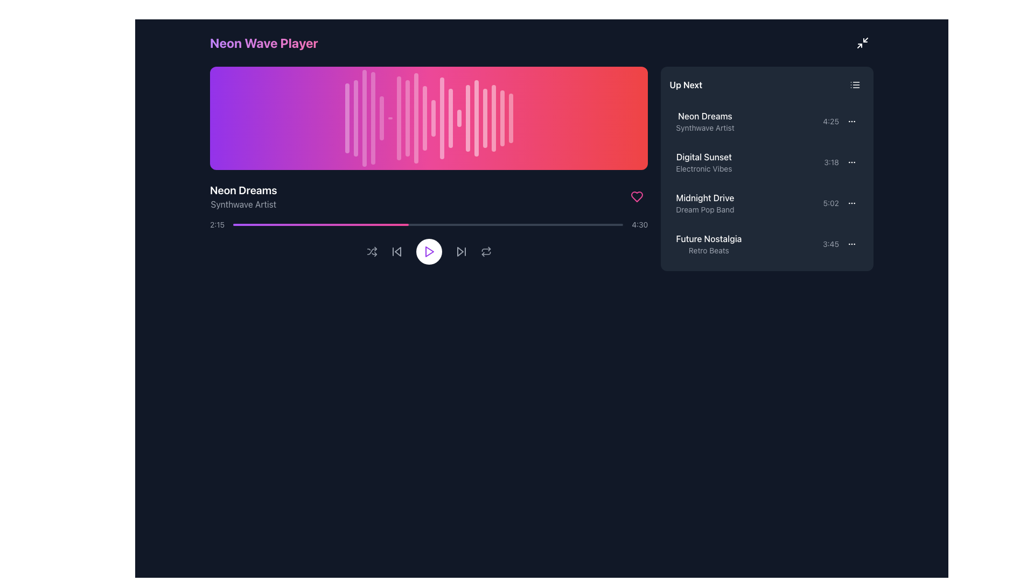  I want to click on the list item labeled 'Midnight Drive', so click(766, 203).